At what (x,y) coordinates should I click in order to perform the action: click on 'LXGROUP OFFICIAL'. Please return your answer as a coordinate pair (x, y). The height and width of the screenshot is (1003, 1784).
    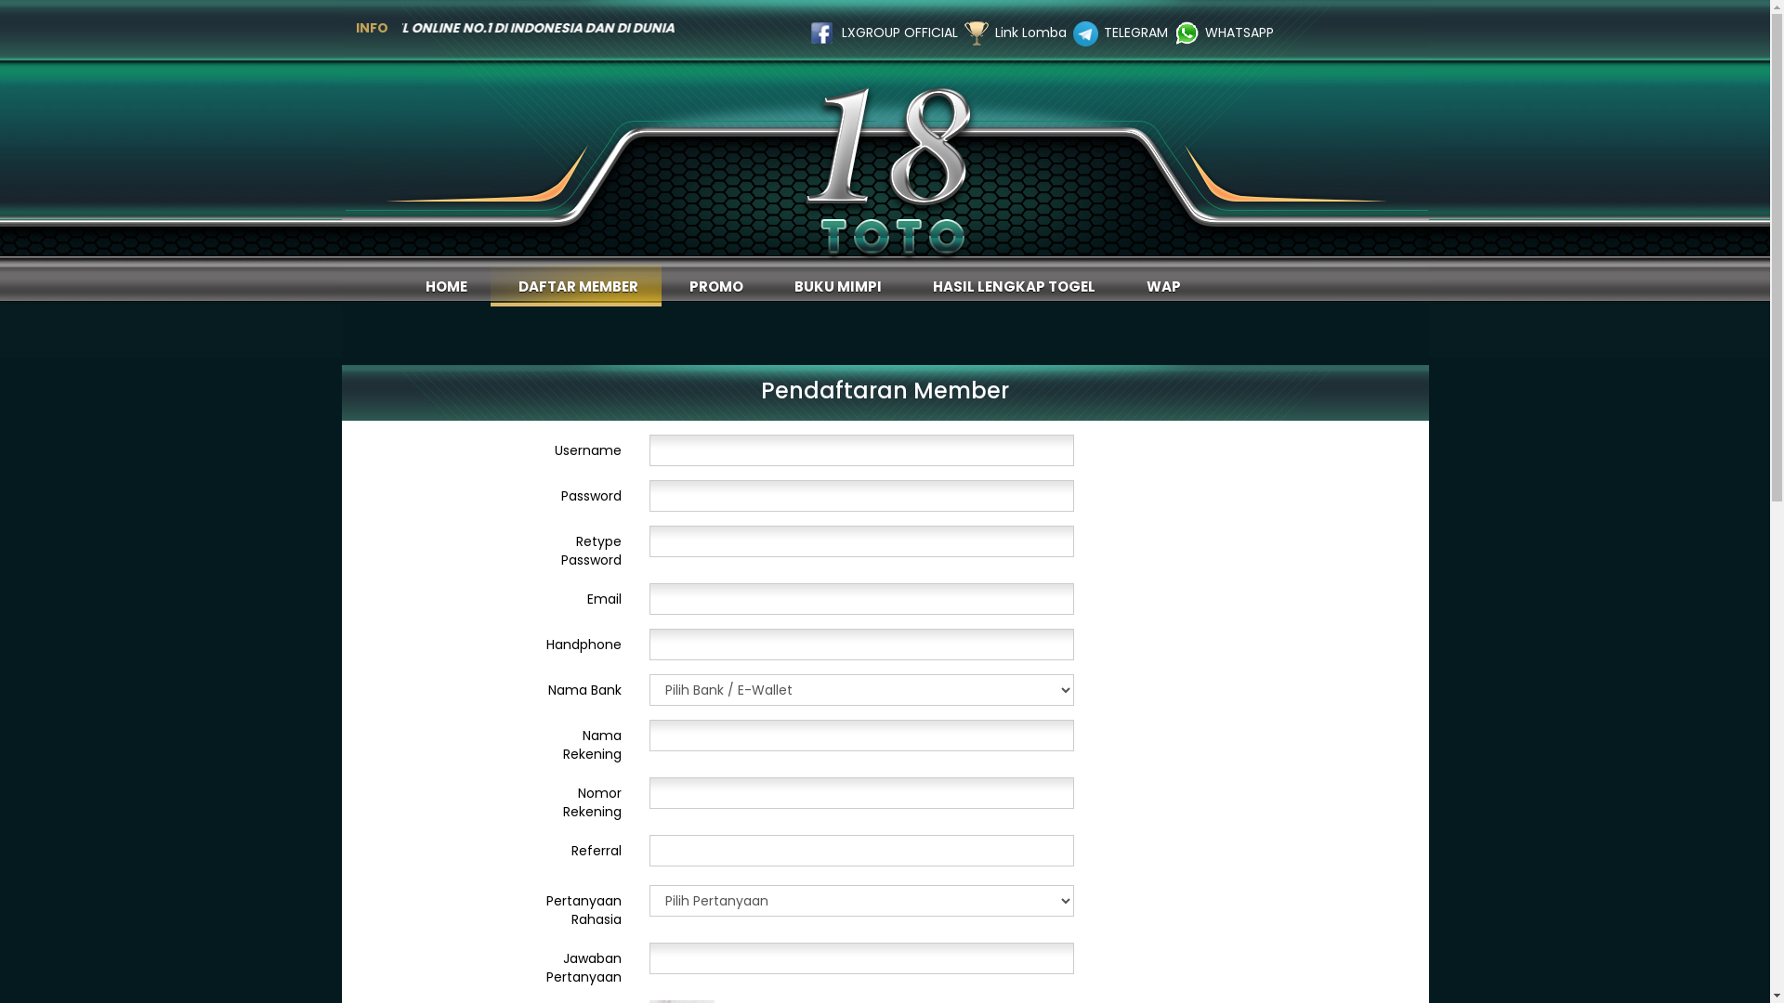
    Looking at the image, I should click on (899, 32).